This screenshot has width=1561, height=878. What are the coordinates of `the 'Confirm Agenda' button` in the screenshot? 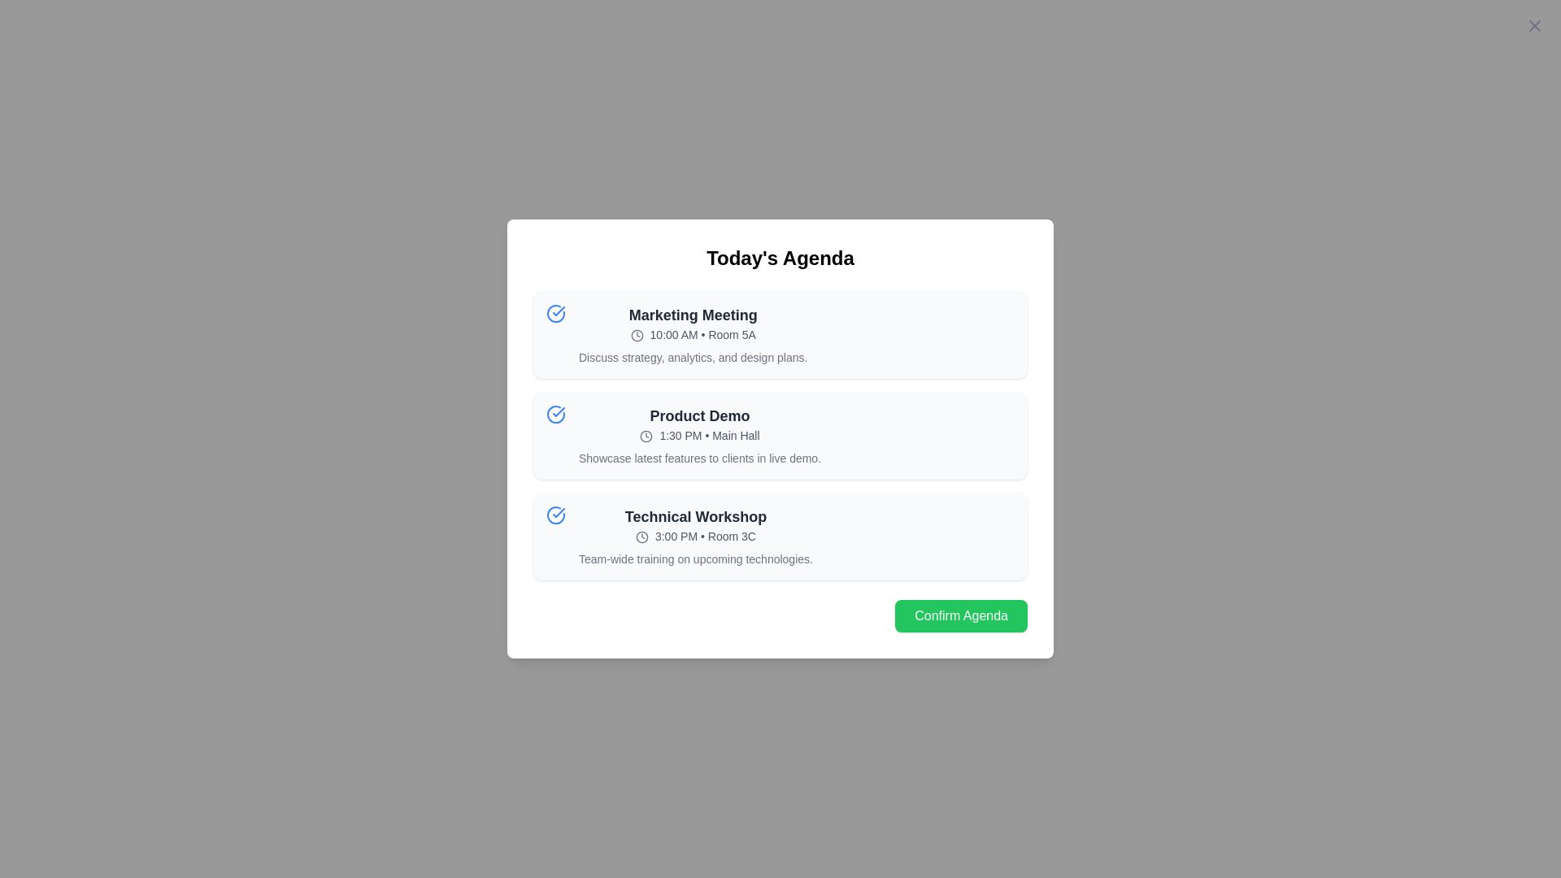 It's located at (961, 616).